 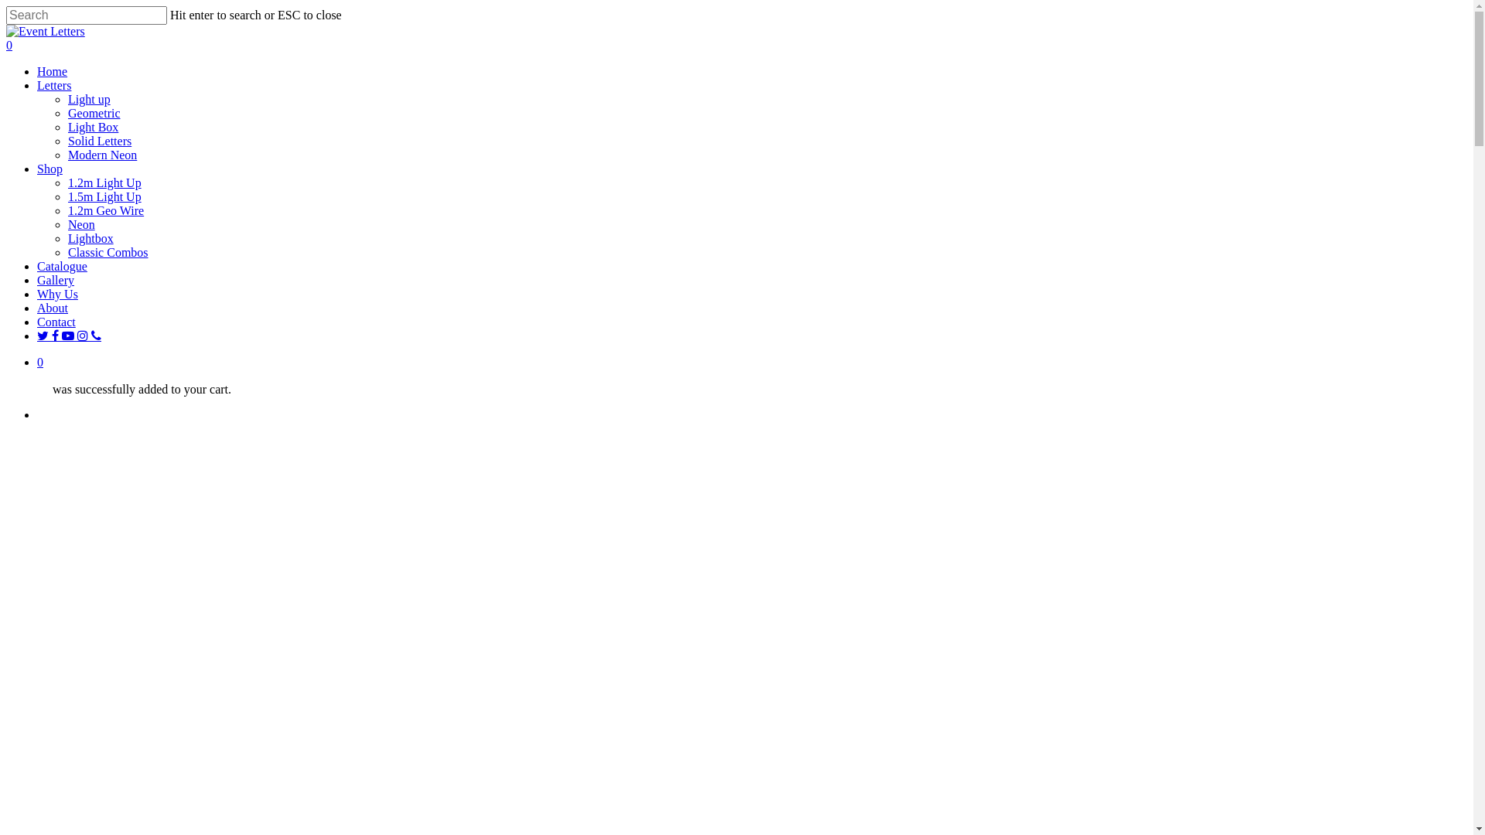 I want to click on 'Catalogue', so click(x=62, y=265).